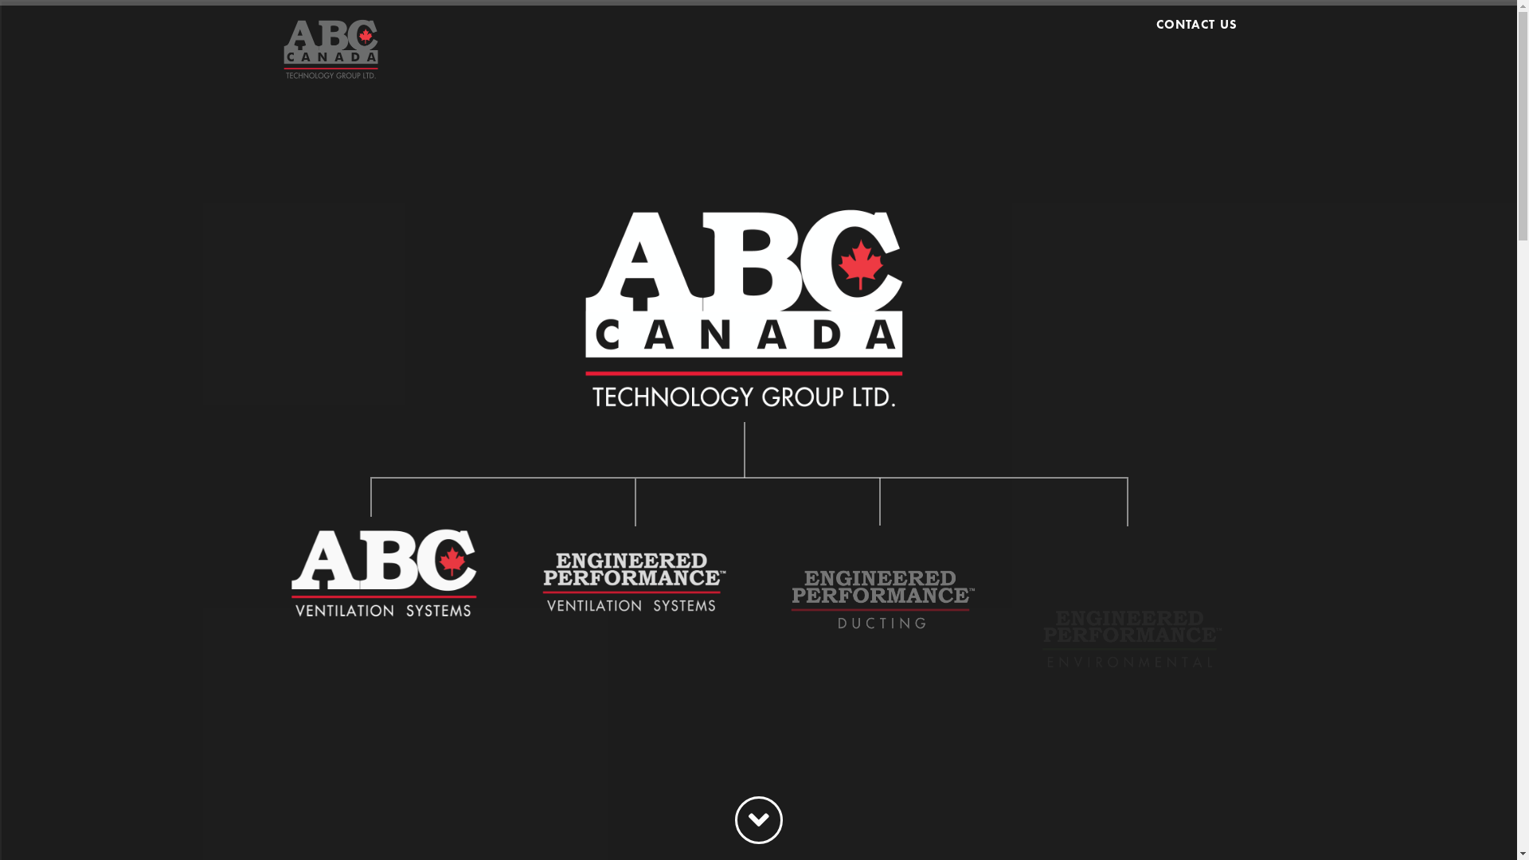  Describe the element at coordinates (1191, 39) in the screenshot. I see `'CONTACT US'` at that location.